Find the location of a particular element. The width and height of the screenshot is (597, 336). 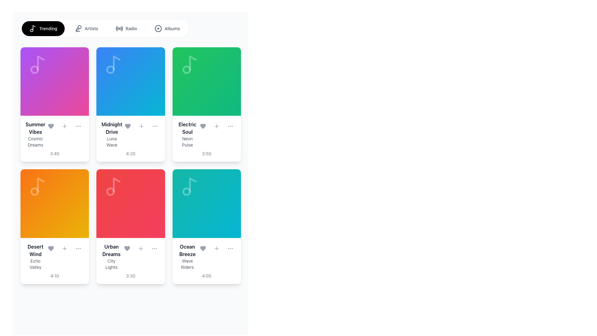

the text label indicating the duration or time-related information for the 'Midnight Drive' album, located in the second card of the first row in the grid layout is located at coordinates (130, 154).